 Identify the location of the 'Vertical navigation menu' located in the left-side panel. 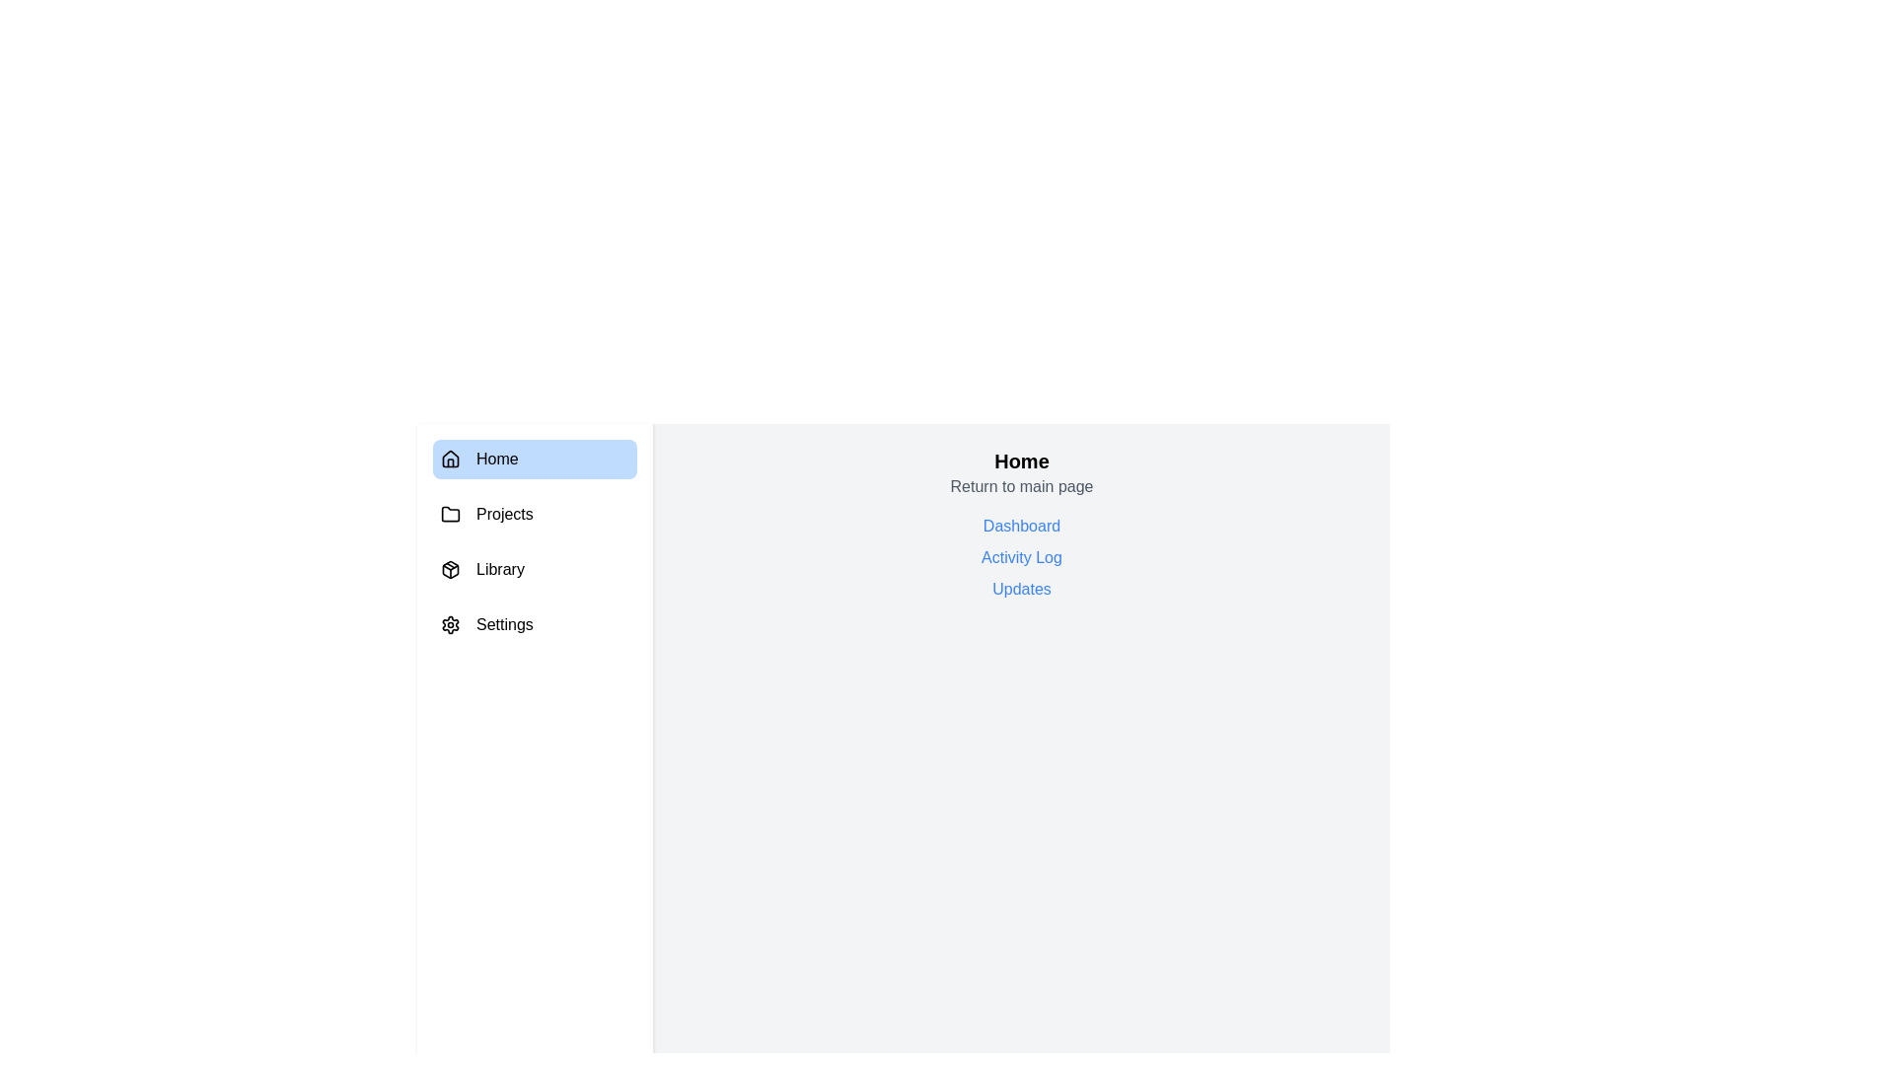
(535, 542).